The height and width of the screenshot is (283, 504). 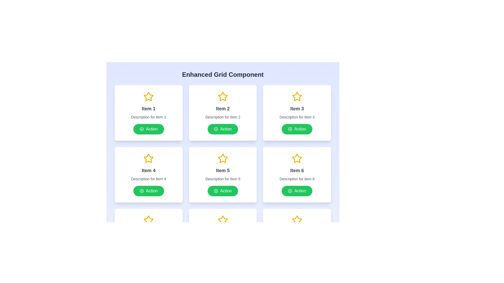 What do you see at coordinates (148, 158) in the screenshot?
I see `the star icon in the second row of the grid for 'Item 4' to interact with the rating mechanism` at bounding box center [148, 158].